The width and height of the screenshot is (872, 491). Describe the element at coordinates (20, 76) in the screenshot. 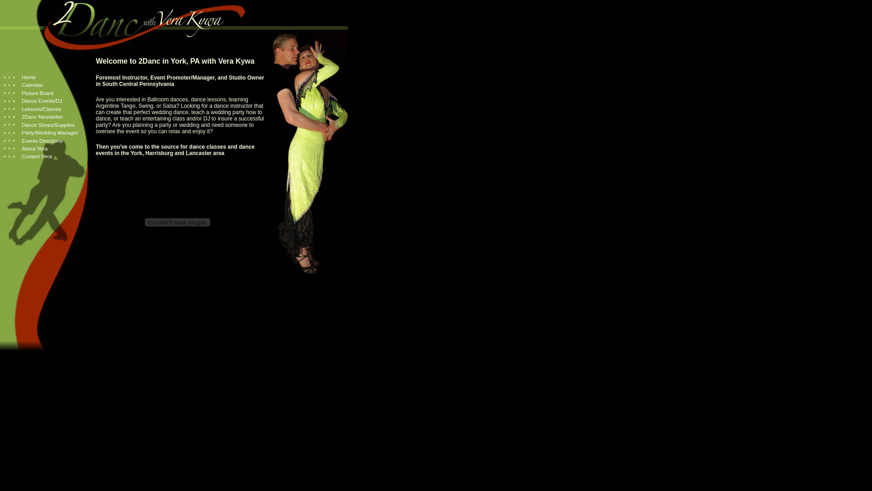

I see `'Home'` at that location.